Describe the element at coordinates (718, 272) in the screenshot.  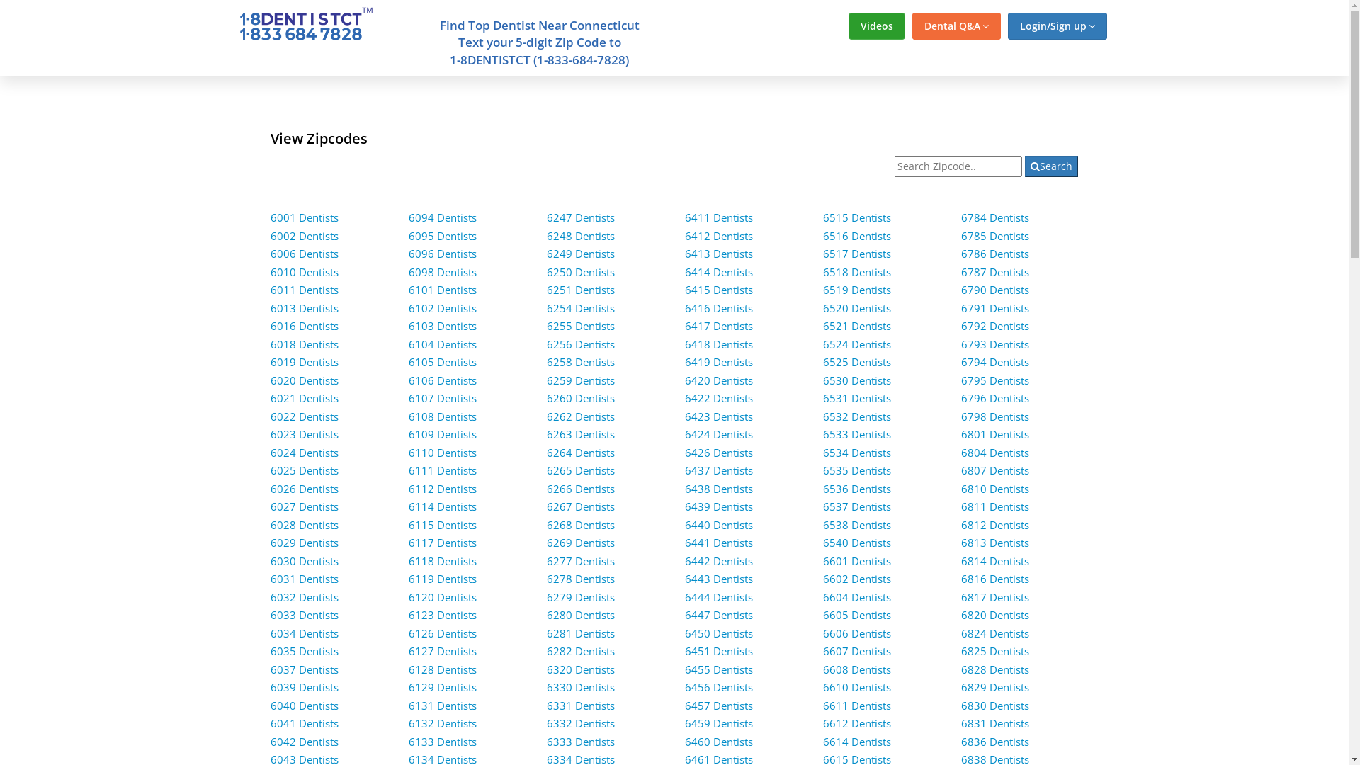
I see `'6414 Dentists'` at that location.